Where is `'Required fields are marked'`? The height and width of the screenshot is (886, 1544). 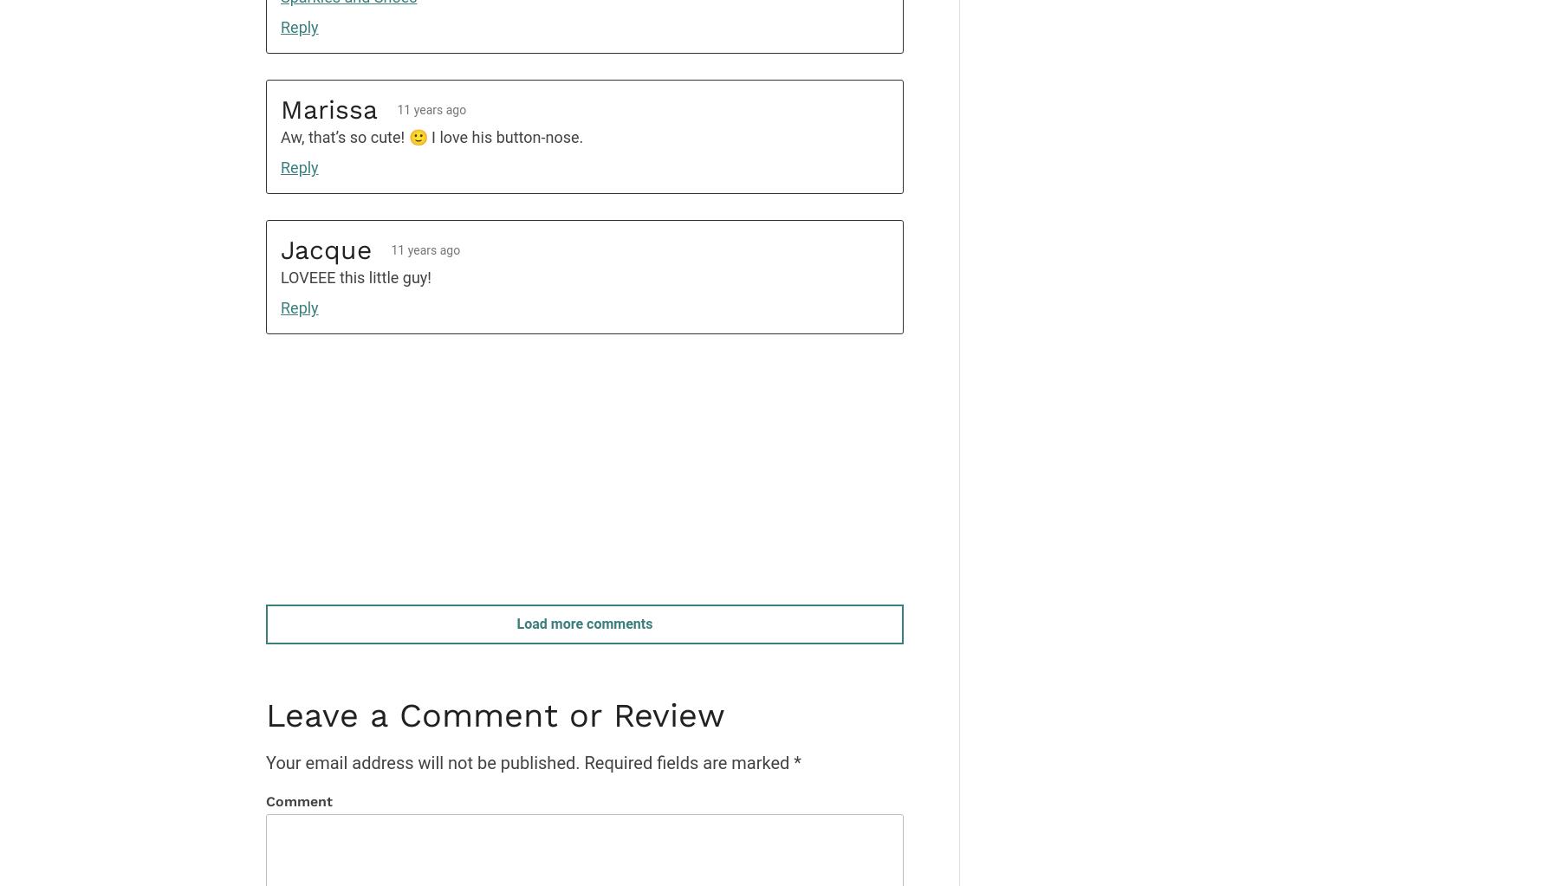
'Required fields are marked' is located at coordinates (686, 761).